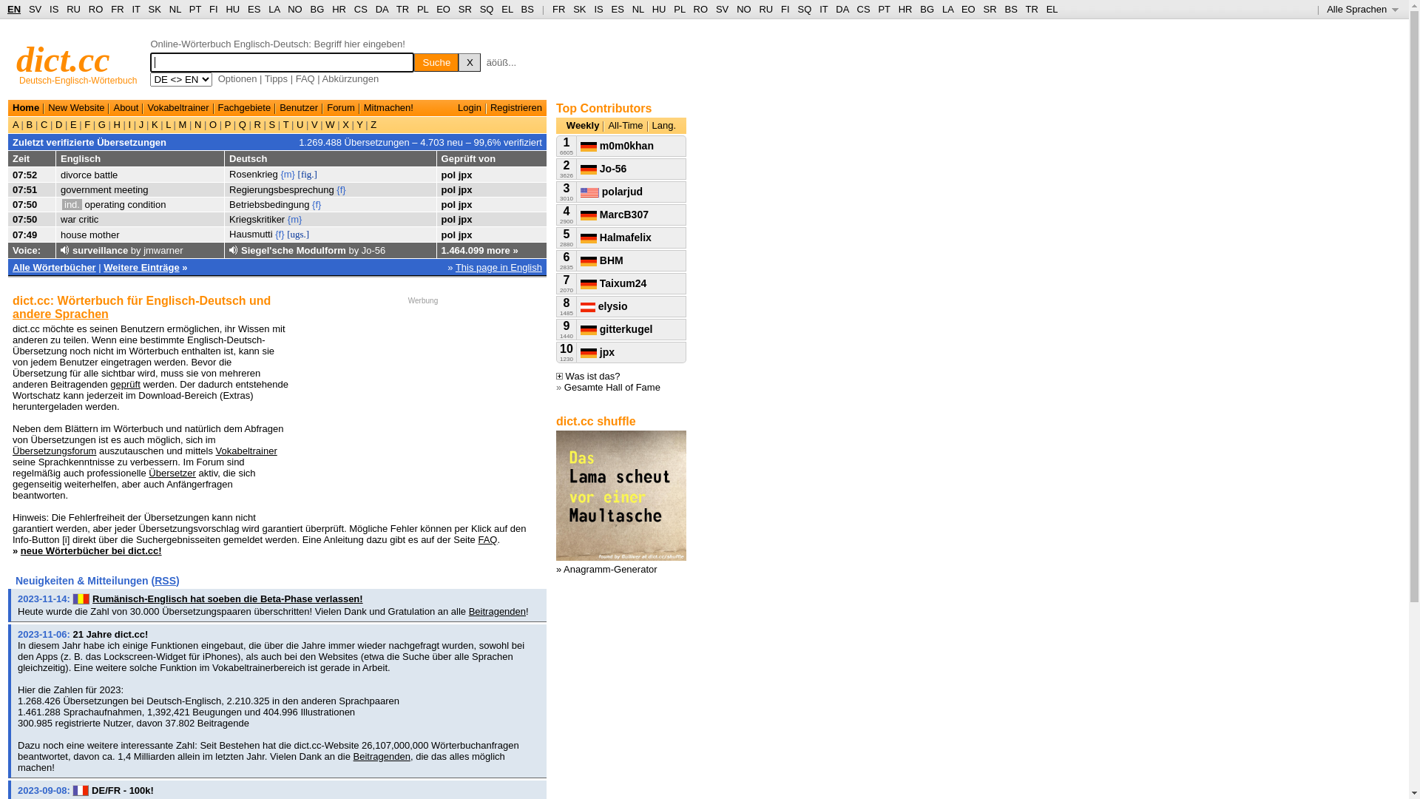 The height and width of the screenshot is (799, 1420). Describe the element at coordinates (618, 9) in the screenshot. I see `'ES'` at that location.